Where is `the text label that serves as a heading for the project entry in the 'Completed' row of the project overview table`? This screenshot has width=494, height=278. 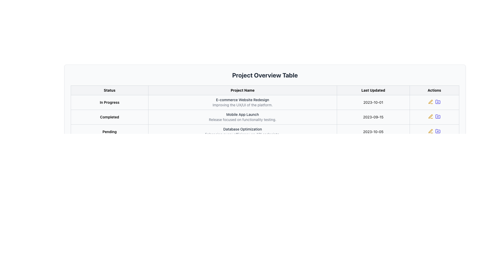 the text label that serves as a heading for the project entry in the 'Completed' row of the project overview table is located at coordinates (242, 114).